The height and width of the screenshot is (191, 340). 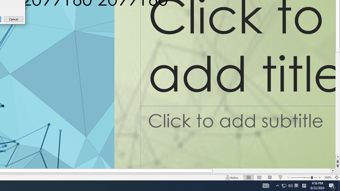 What do you see at coordinates (14, 19) in the screenshot?
I see `'Cancel'` at bounding box center [14, 19].